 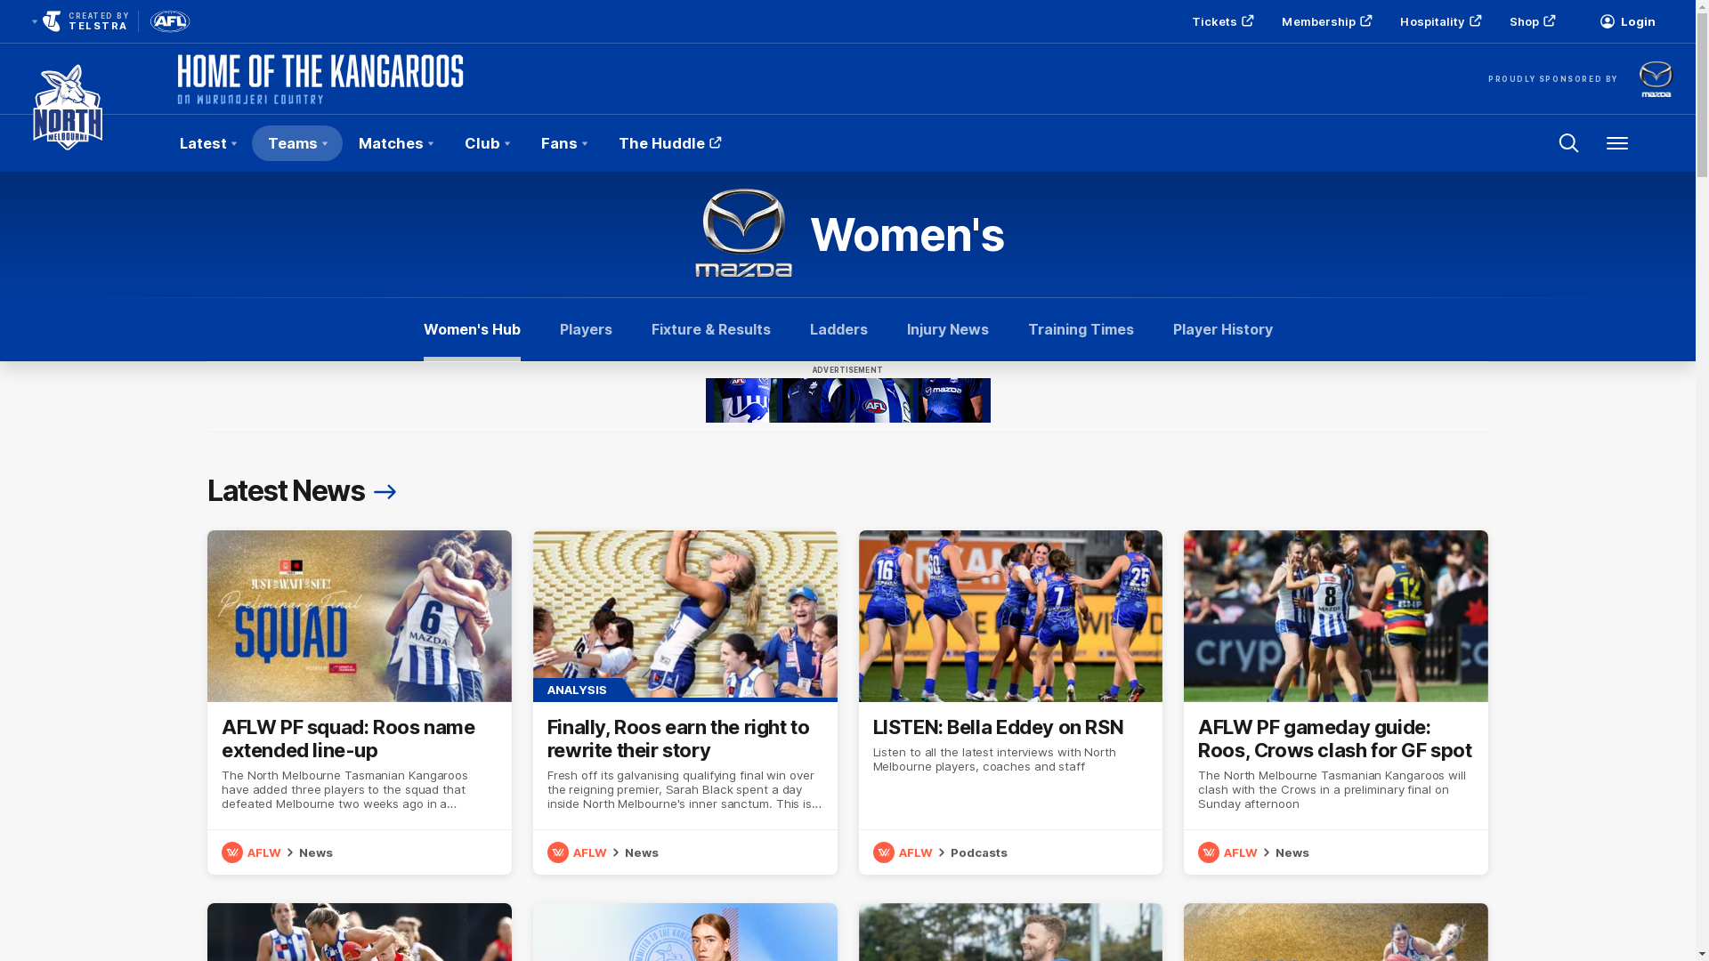 I want to click on 'Training Times', so click(x=1079, y=329).